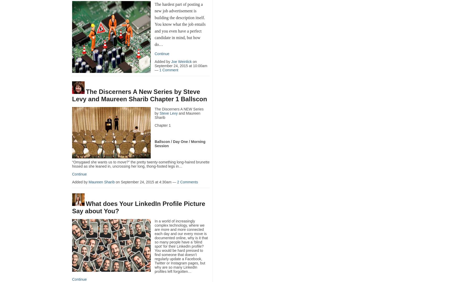 This screenshot has height=282, width=454. What do you see at coordinates (177, 115) in the screenshot?
I see `'and Maureen Sharib'` at bounding box center [177, 115].